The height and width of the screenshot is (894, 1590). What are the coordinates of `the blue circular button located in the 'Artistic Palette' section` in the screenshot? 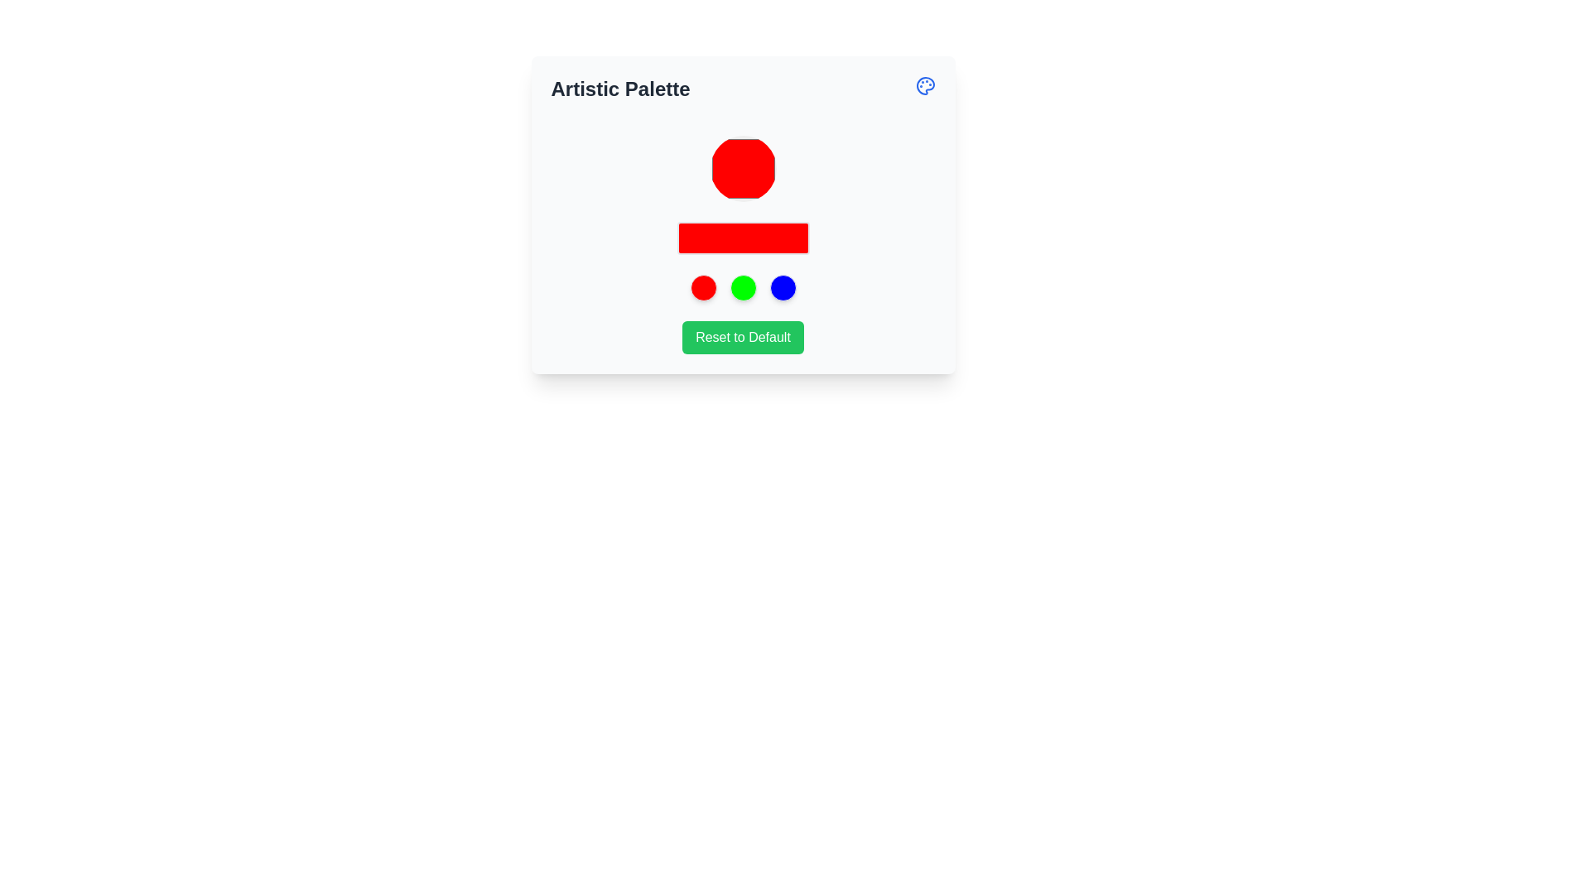 It's located at (782, 286).